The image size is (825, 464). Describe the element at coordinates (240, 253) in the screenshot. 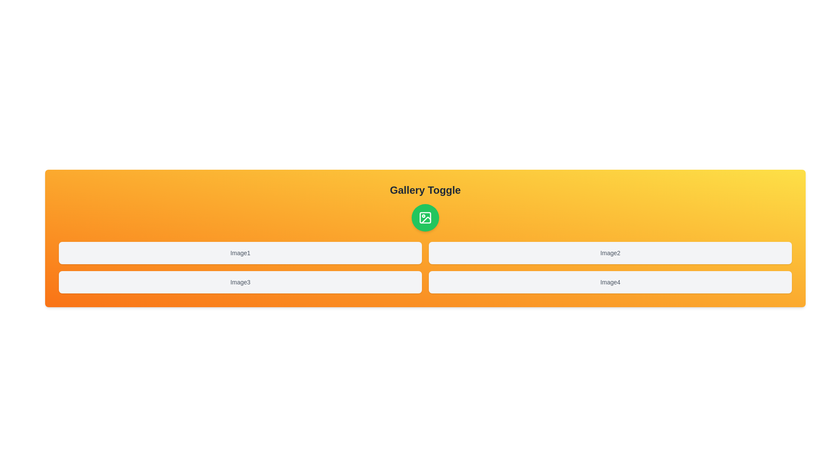

I see `the image box labeled Image1` at that location.